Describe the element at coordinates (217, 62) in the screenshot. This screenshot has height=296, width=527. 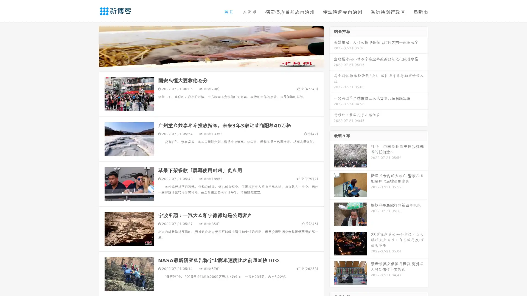
I see `Go to slide 3` at that location.